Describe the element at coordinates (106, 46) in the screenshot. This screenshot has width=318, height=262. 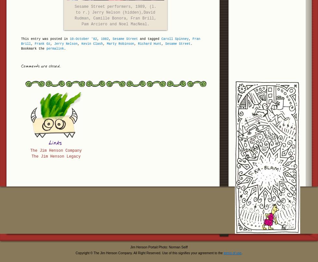
I see `'. Bookmark the'` at that location.